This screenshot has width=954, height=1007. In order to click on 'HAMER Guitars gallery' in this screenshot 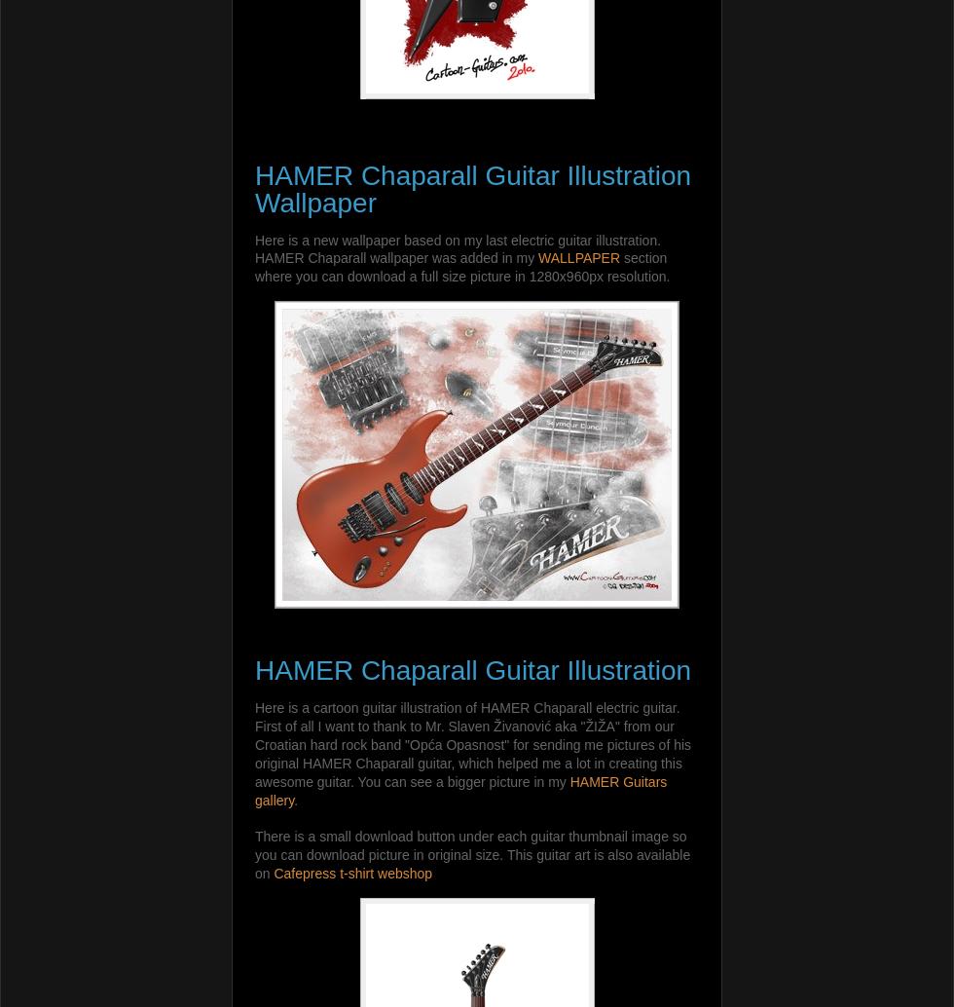, I will do `click(460, 789)`.